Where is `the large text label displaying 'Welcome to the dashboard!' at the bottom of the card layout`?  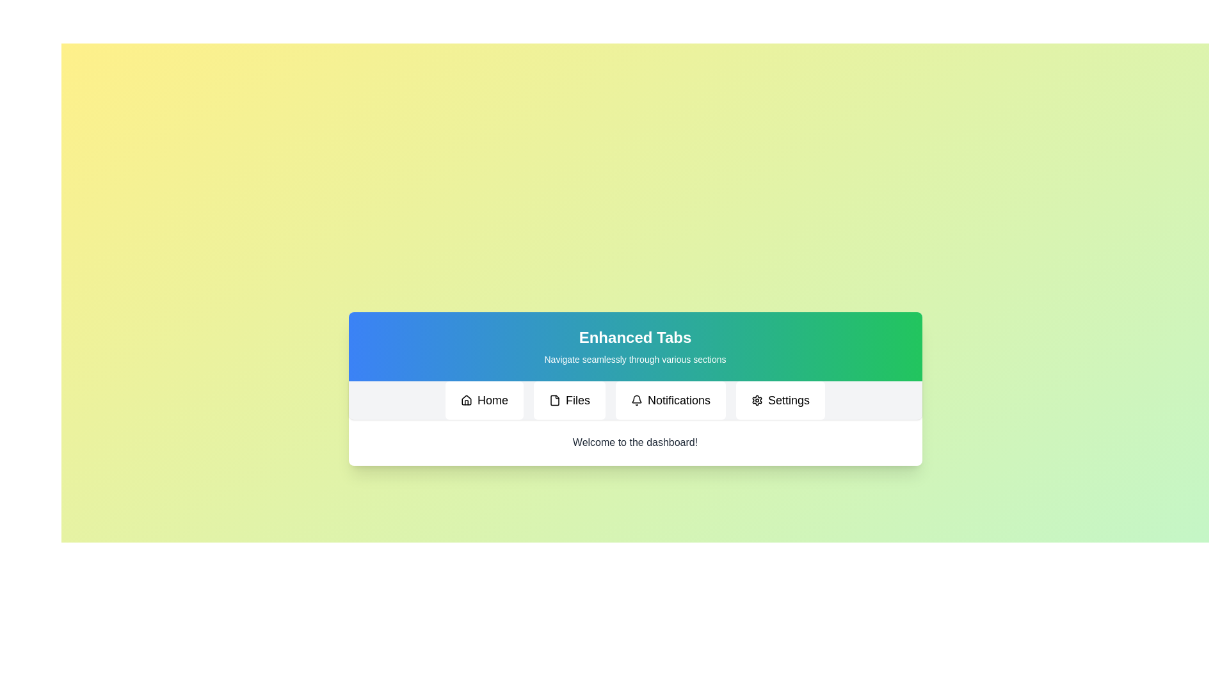 the large text label displaying 'Welcome to the dashboard!' at the bottom of the card layout is located at coordinates (635, 441).